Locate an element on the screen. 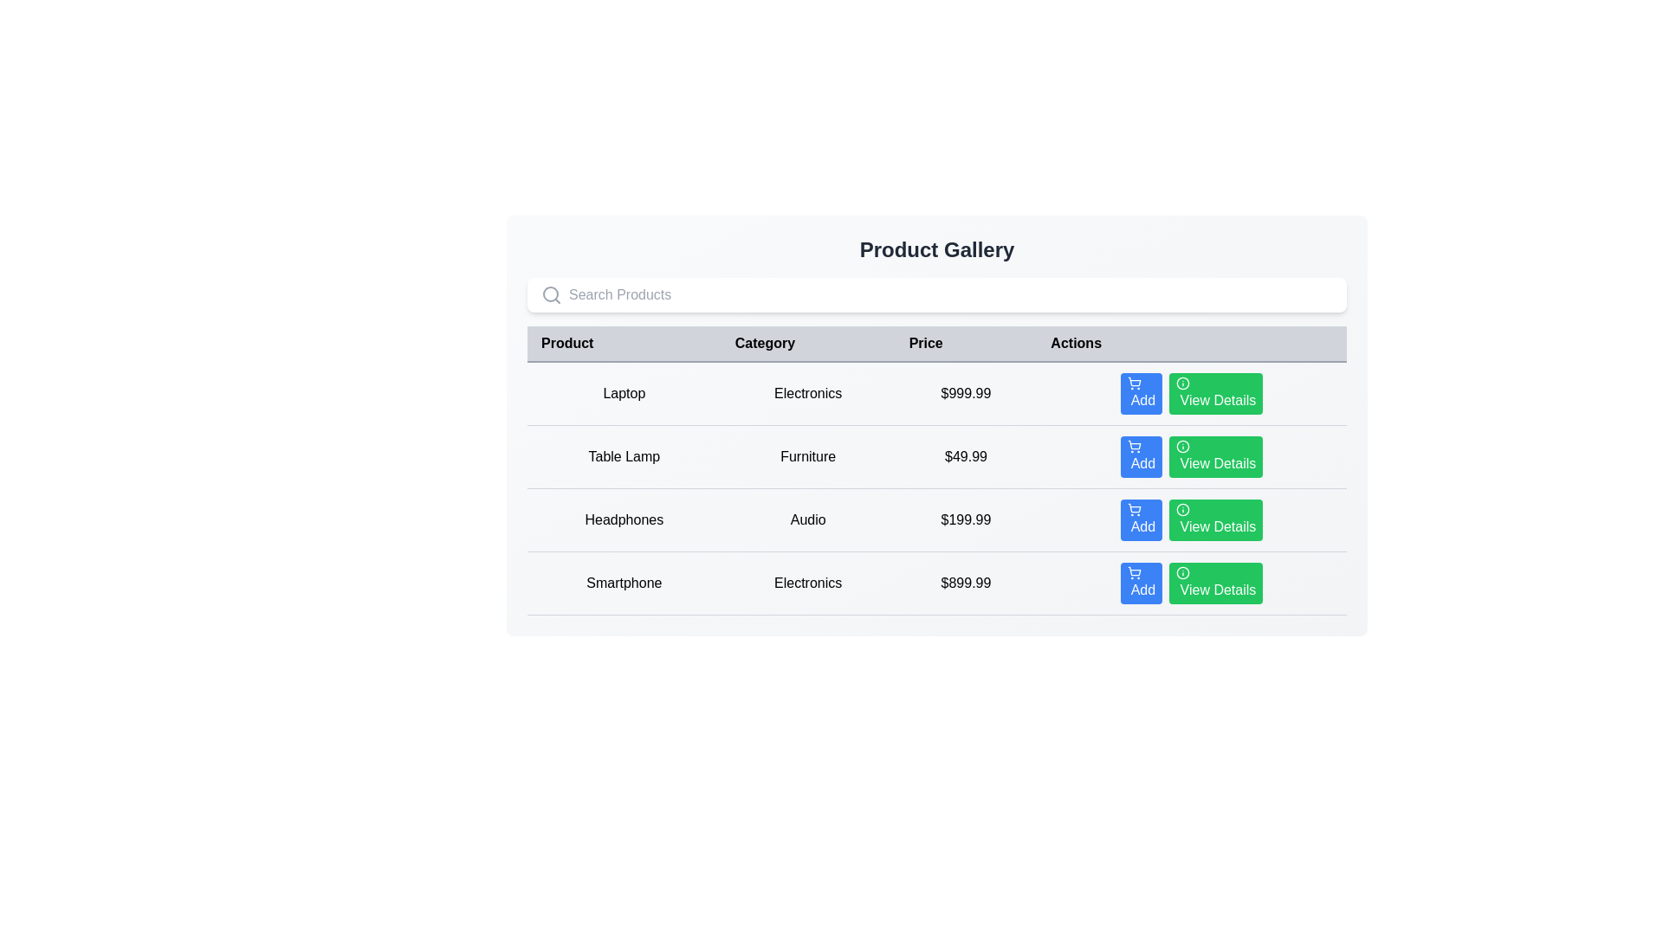  the SVG Circle element that forms the lens of the search icon located near the top-left corner of the interface is located at coordinates (549, 293).